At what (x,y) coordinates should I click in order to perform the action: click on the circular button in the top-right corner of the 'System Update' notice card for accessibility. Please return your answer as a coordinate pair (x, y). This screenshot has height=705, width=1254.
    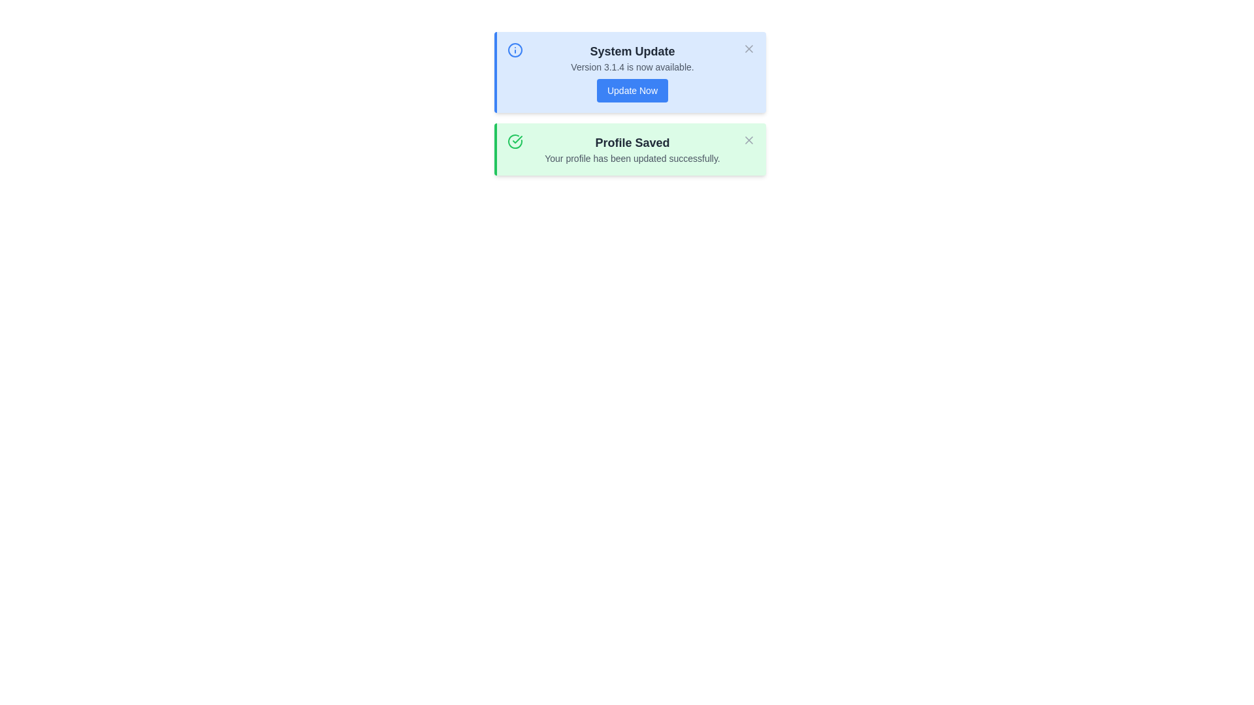
    Looking at the image, I should click on (748, 48).